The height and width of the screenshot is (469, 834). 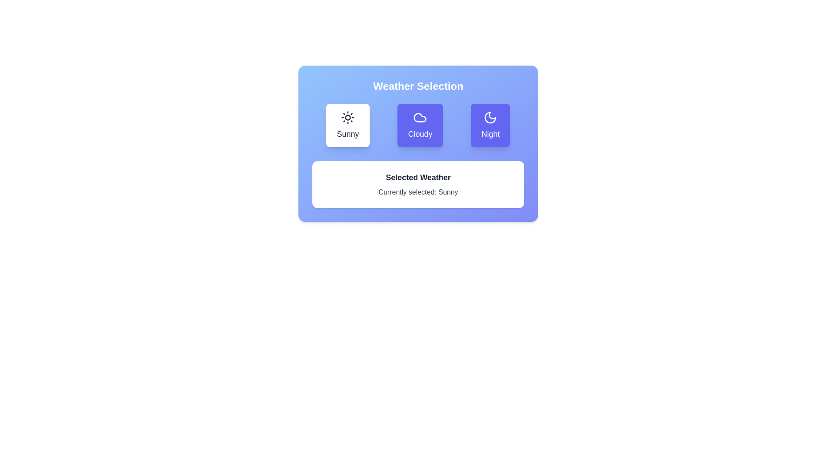 What do you see at coordinates (418, 126) in the screenshot?
I see `the 'Cloudy' button, which is a rectangular button with a white cloud icon and blue background, located between the 'Sunny' and 'Night' buttons` at bounding box center [418, 126].